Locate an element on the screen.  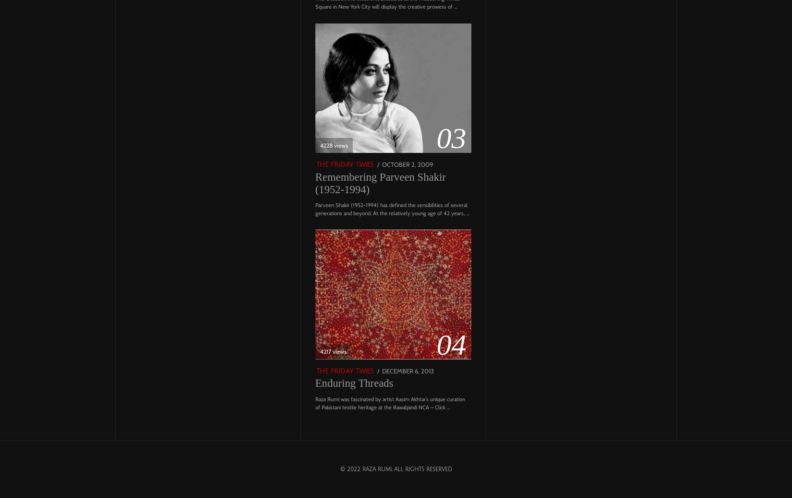
'© 2022 Raza Rumi. All Rights Reserved' is located at coordinates (395, 469).